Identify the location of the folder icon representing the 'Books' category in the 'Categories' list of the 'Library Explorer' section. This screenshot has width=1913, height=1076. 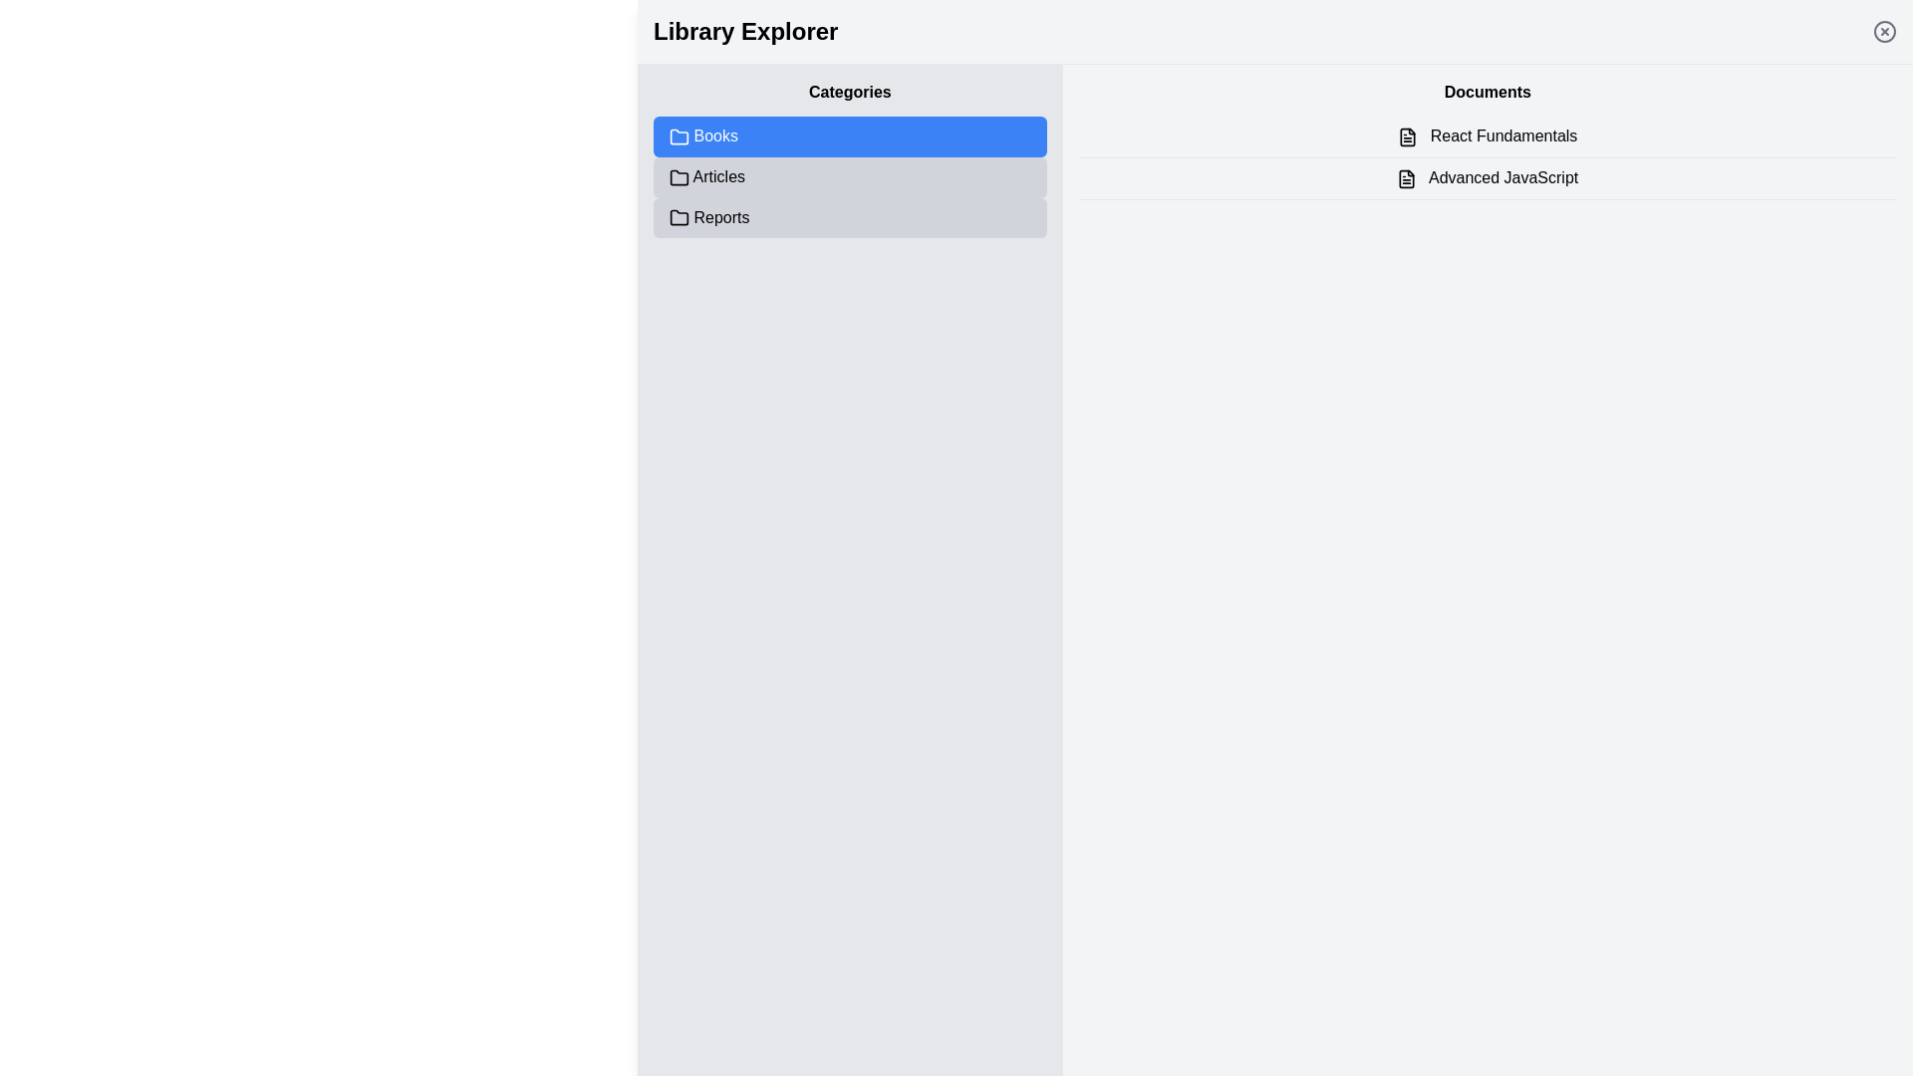
(679, 135).